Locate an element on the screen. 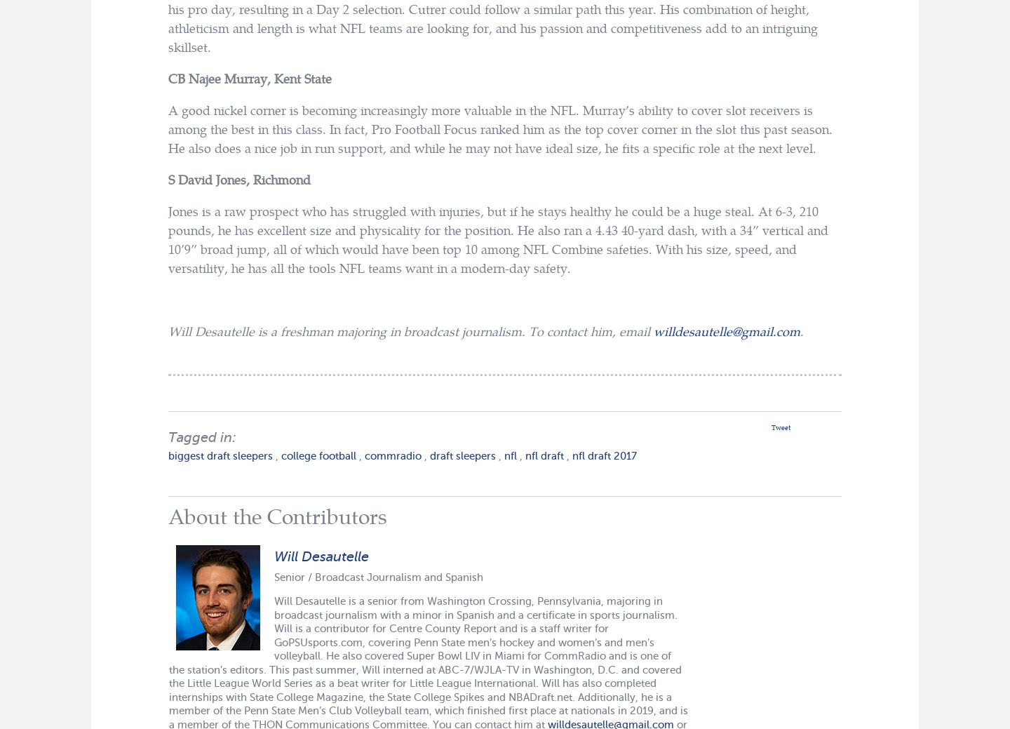 The height and width of the screenshot is (729, 1010). 'Tagged in:' is located at coordinates (201, 436).